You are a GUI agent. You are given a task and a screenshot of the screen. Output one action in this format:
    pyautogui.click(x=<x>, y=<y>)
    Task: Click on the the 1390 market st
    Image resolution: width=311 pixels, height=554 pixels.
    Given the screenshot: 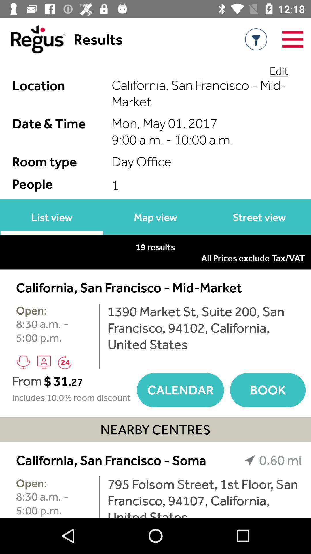 What is the action you would take?
    pyautogui.click(x=204, y=328)
    